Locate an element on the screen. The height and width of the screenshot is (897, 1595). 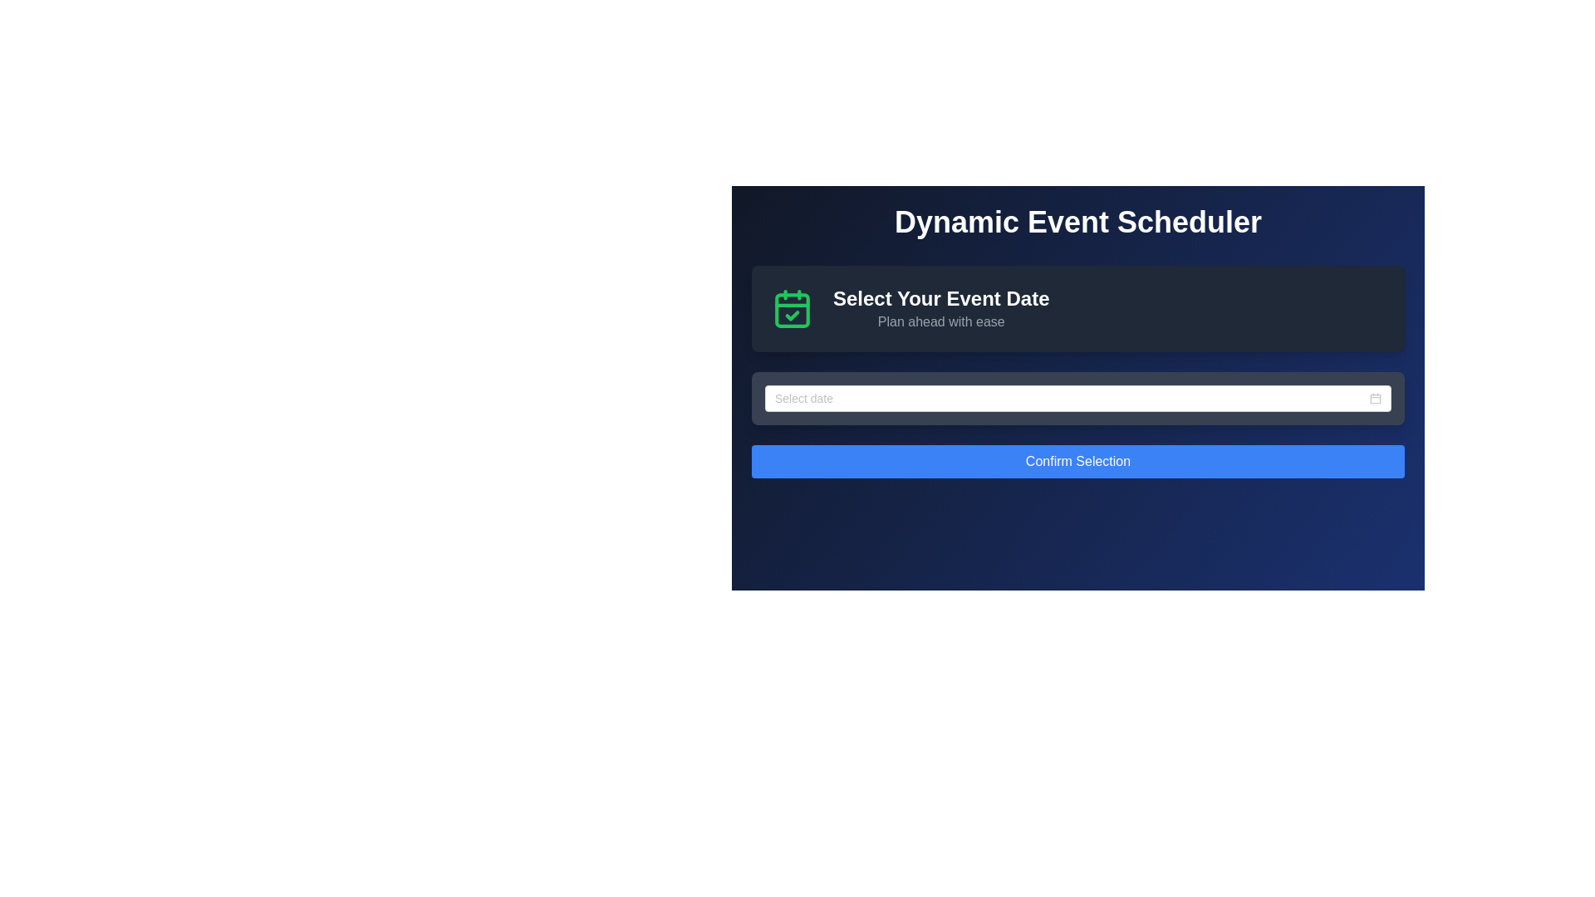
the icon button located at the rightmost side of the date selection input field is located at coordinates (1376, 398).